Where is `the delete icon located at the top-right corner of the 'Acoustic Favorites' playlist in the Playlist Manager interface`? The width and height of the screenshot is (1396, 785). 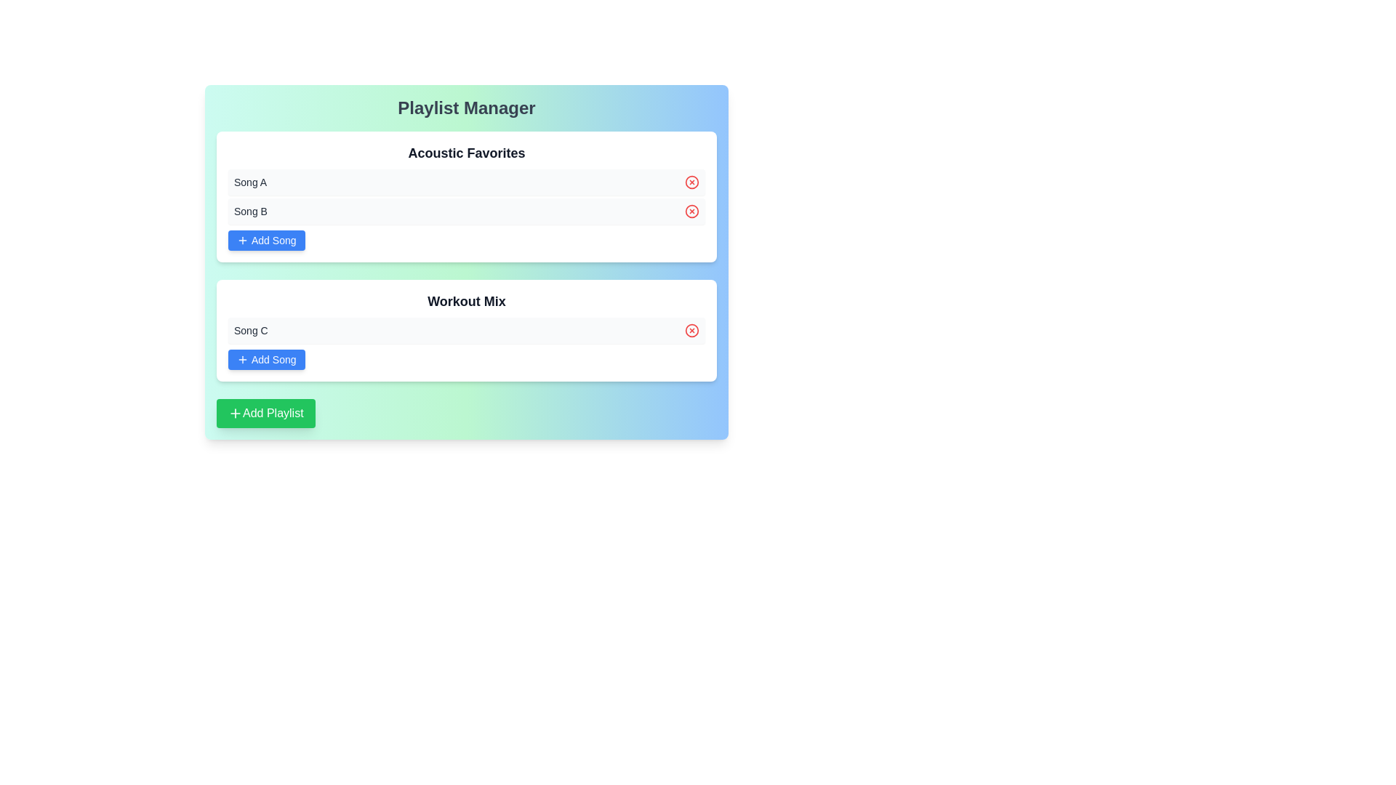
the delete icon located at the top-right corner of the 'Acoustic Favorites' playlist in the Playlist Manager interface is located at coordinates (691, 181).